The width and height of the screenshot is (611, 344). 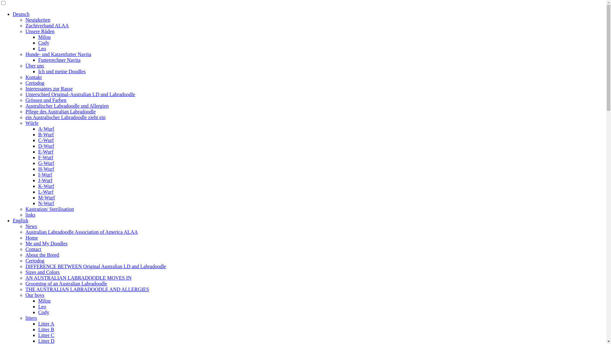 I want to click on 'J-Wurf', so click(x=45, y=180).